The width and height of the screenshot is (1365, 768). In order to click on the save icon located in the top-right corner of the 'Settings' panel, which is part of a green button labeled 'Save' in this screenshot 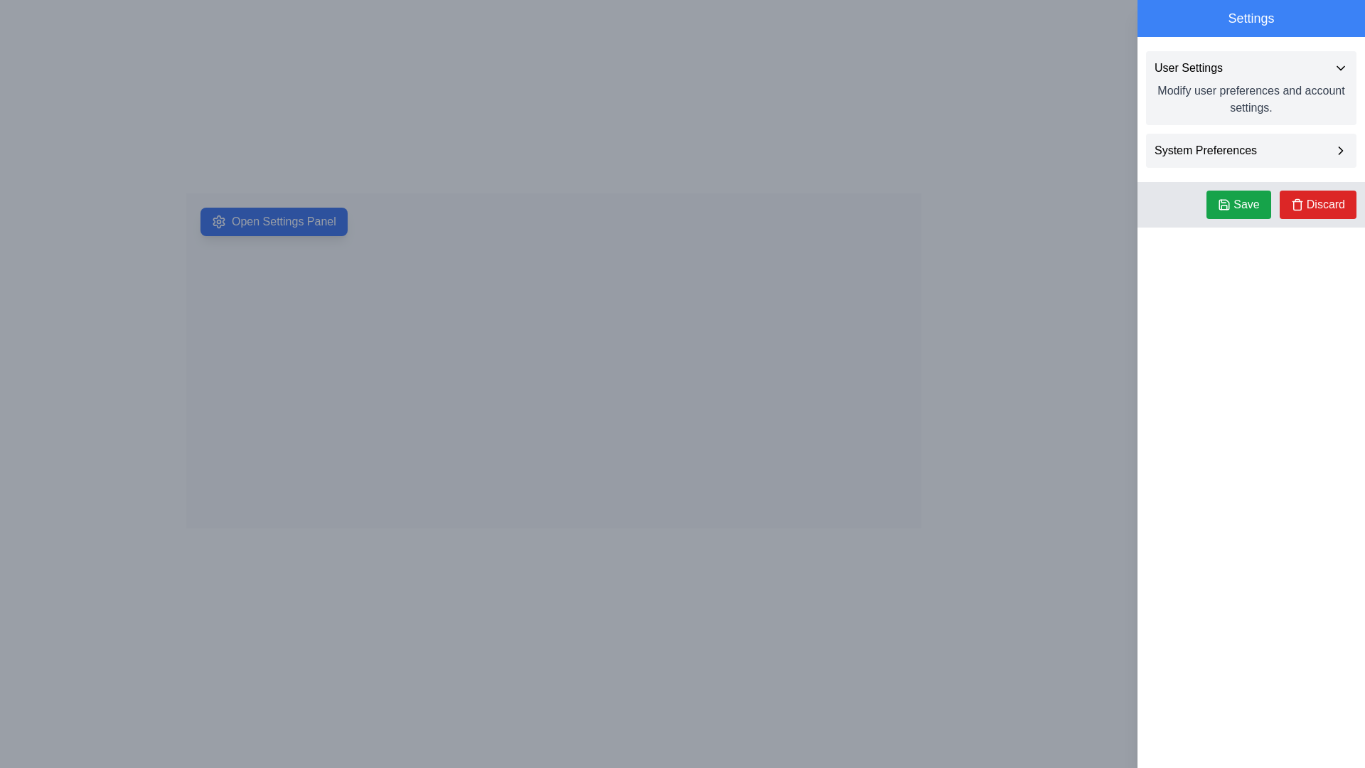, I will do `click(1224, 205)`.